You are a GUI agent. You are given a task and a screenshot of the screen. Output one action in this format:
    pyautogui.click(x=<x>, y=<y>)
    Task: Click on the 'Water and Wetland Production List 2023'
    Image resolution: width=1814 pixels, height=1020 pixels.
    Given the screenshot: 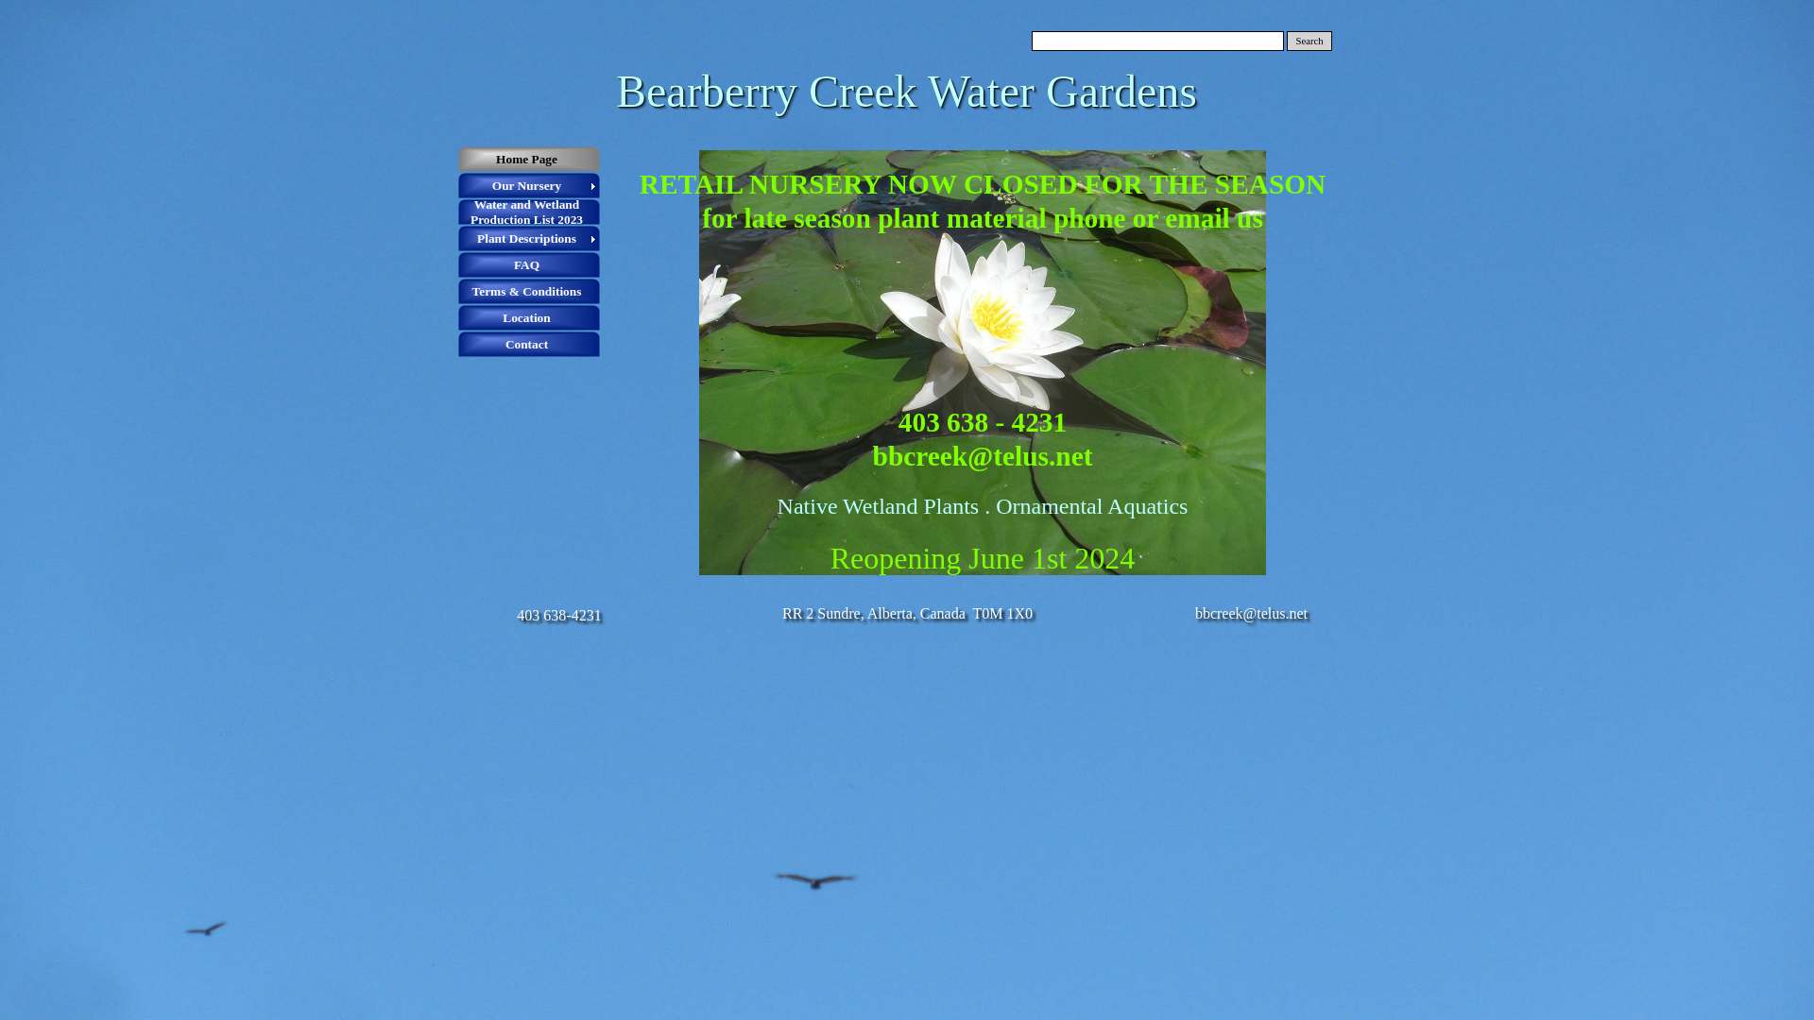 What is the action you would take?
    pyautogui.click(x=529, y=212)
    